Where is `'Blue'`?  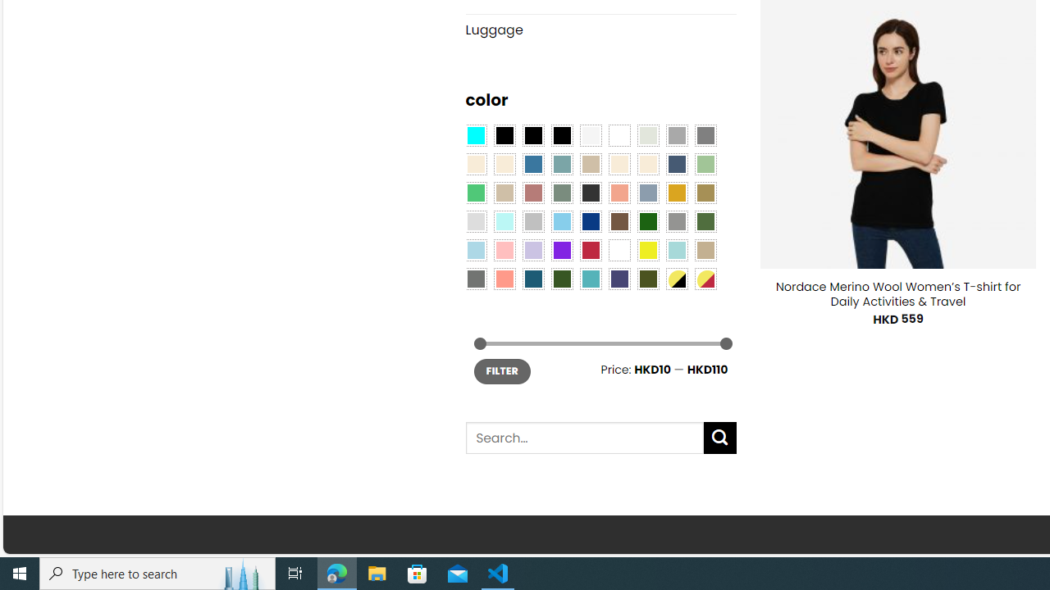
'Blue' is located at coordinates (533, 164).